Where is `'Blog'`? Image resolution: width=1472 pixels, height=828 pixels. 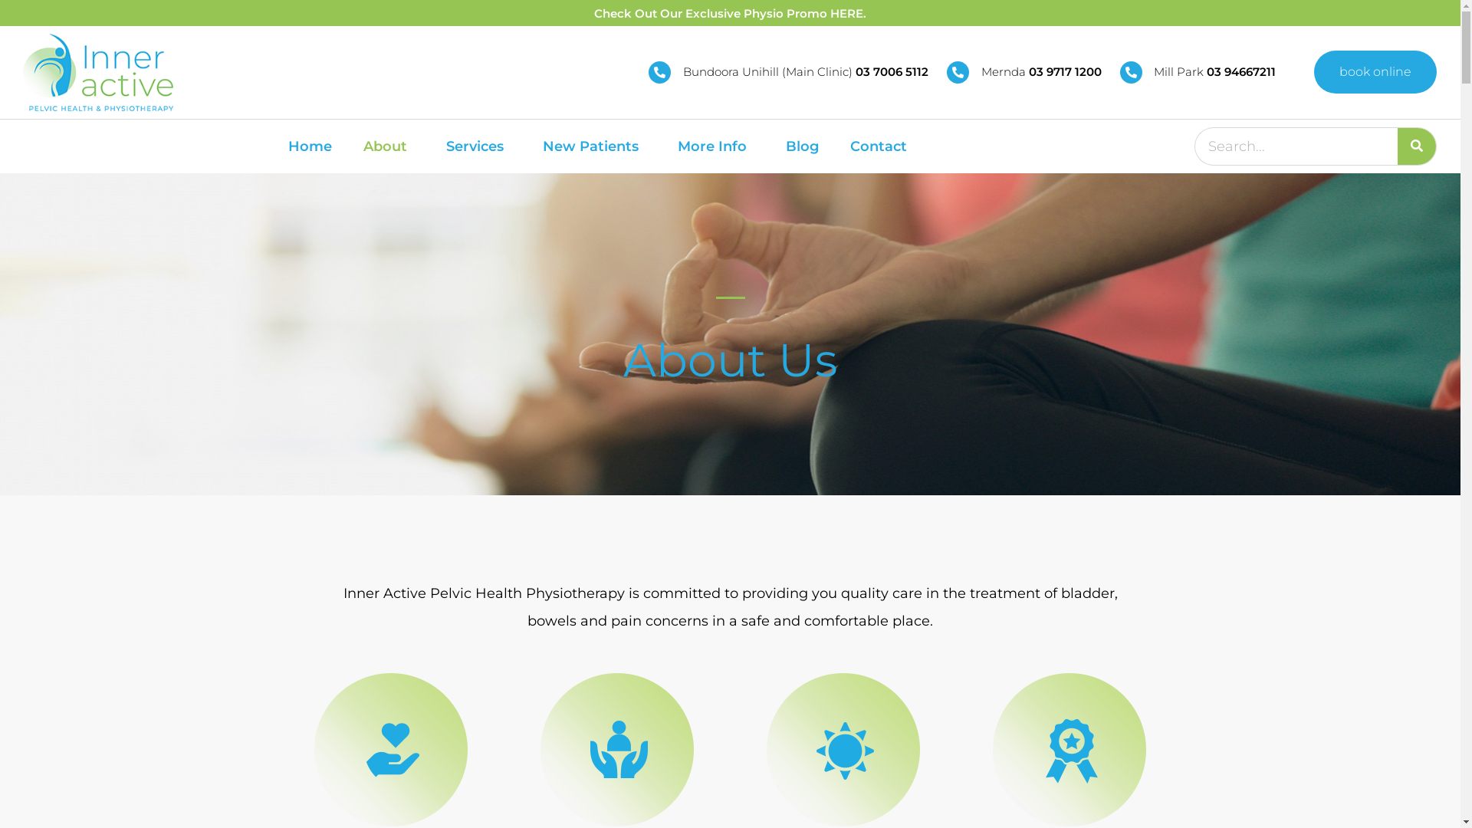
'Blog' is located at coordinates (801, 146).